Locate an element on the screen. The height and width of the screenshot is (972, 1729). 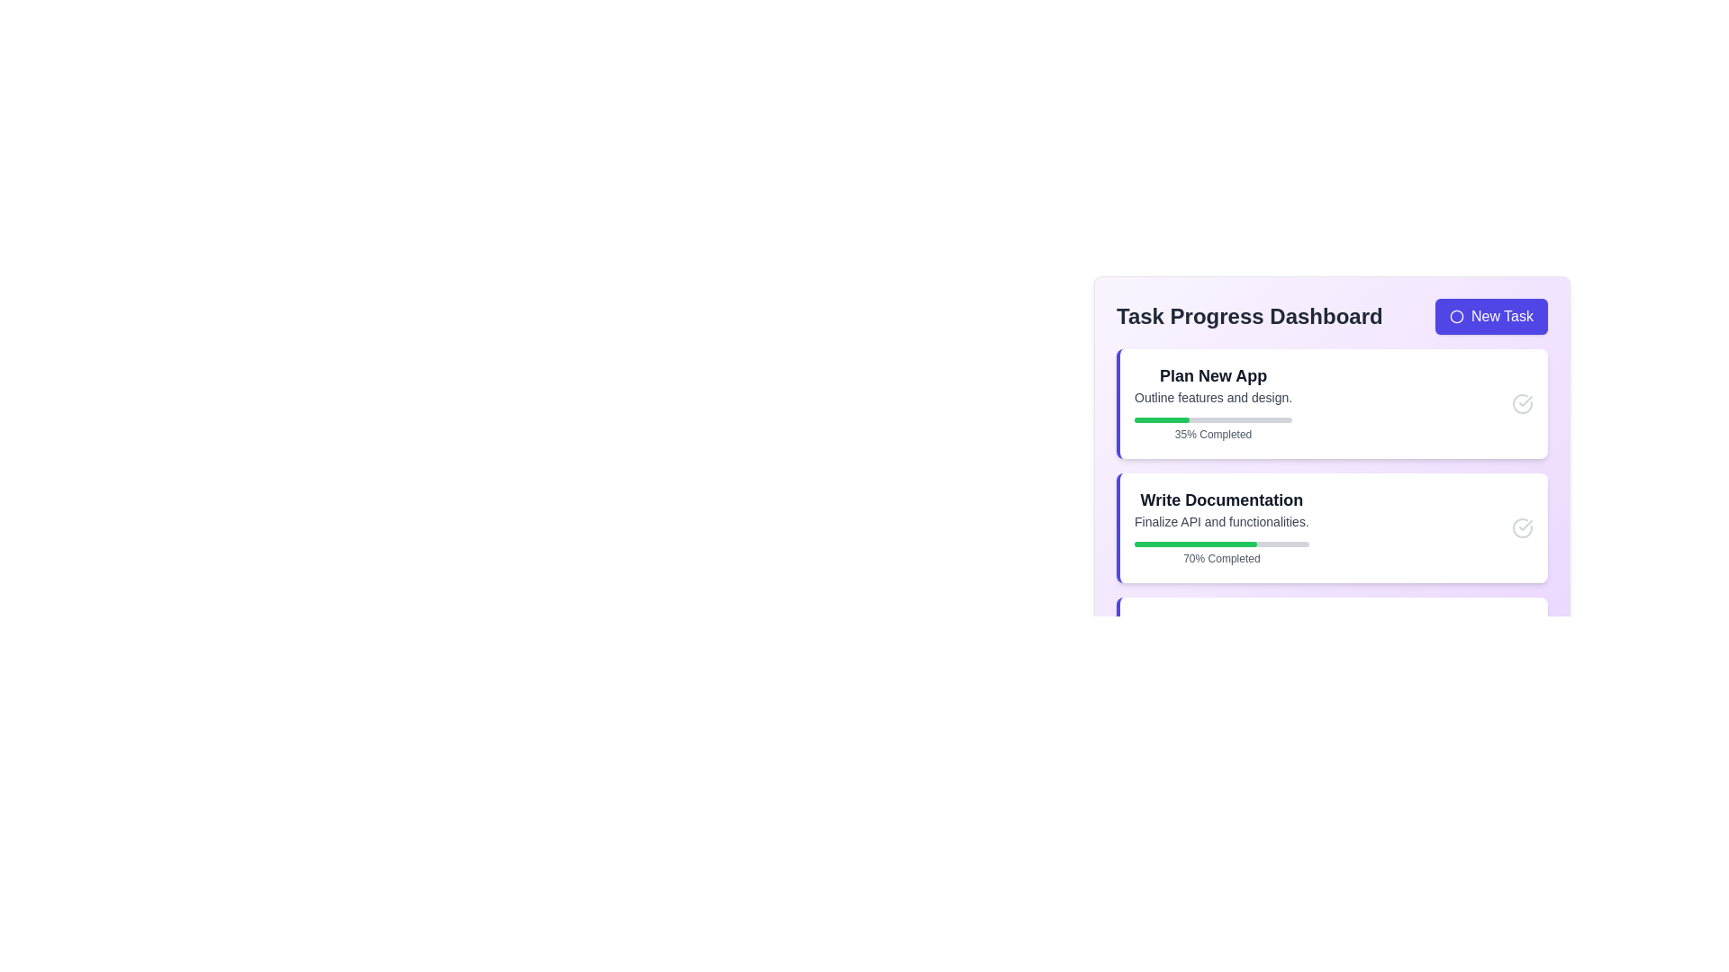
the circular outline within the 'New Task' button located in the top-right area of the 'Task Progress Dashboard.' is located at coordinates (1456, 315).